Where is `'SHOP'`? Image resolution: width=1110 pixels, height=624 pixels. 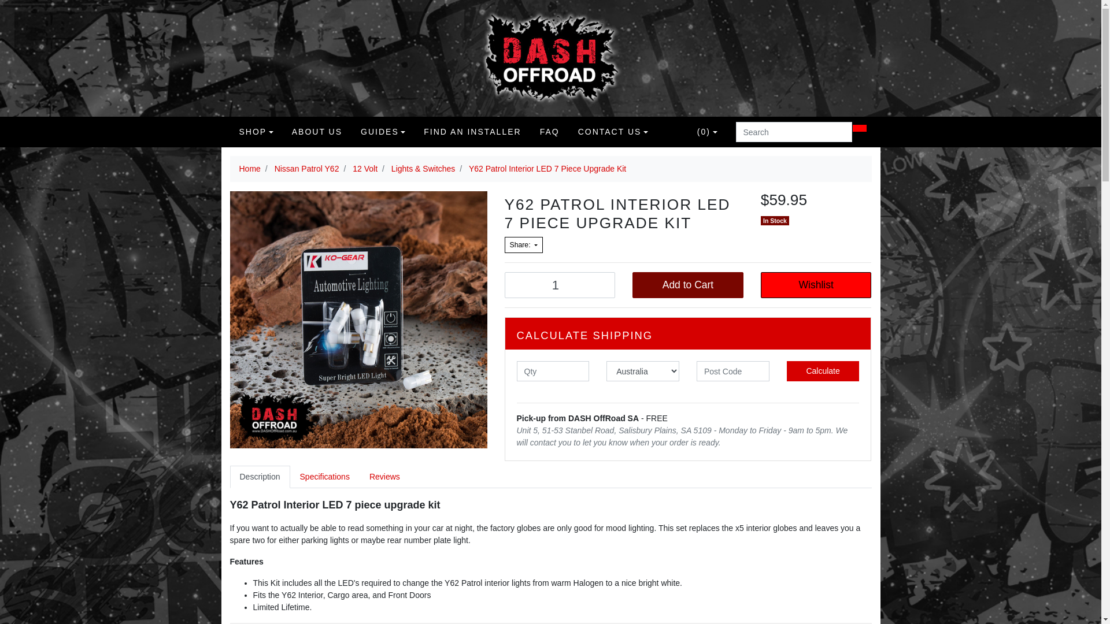 'SHOP' is located at coordinates (256, 131).